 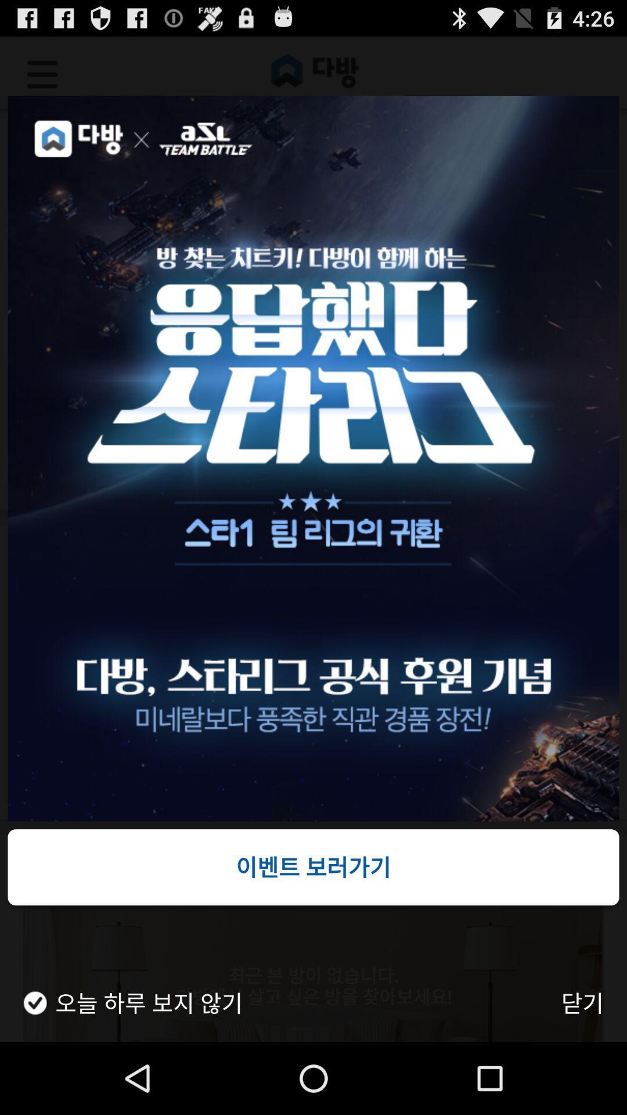 What do you see at coordinates (313, 458) in the screenshot?
I see `item at the center` at bounding box center [313, 458].